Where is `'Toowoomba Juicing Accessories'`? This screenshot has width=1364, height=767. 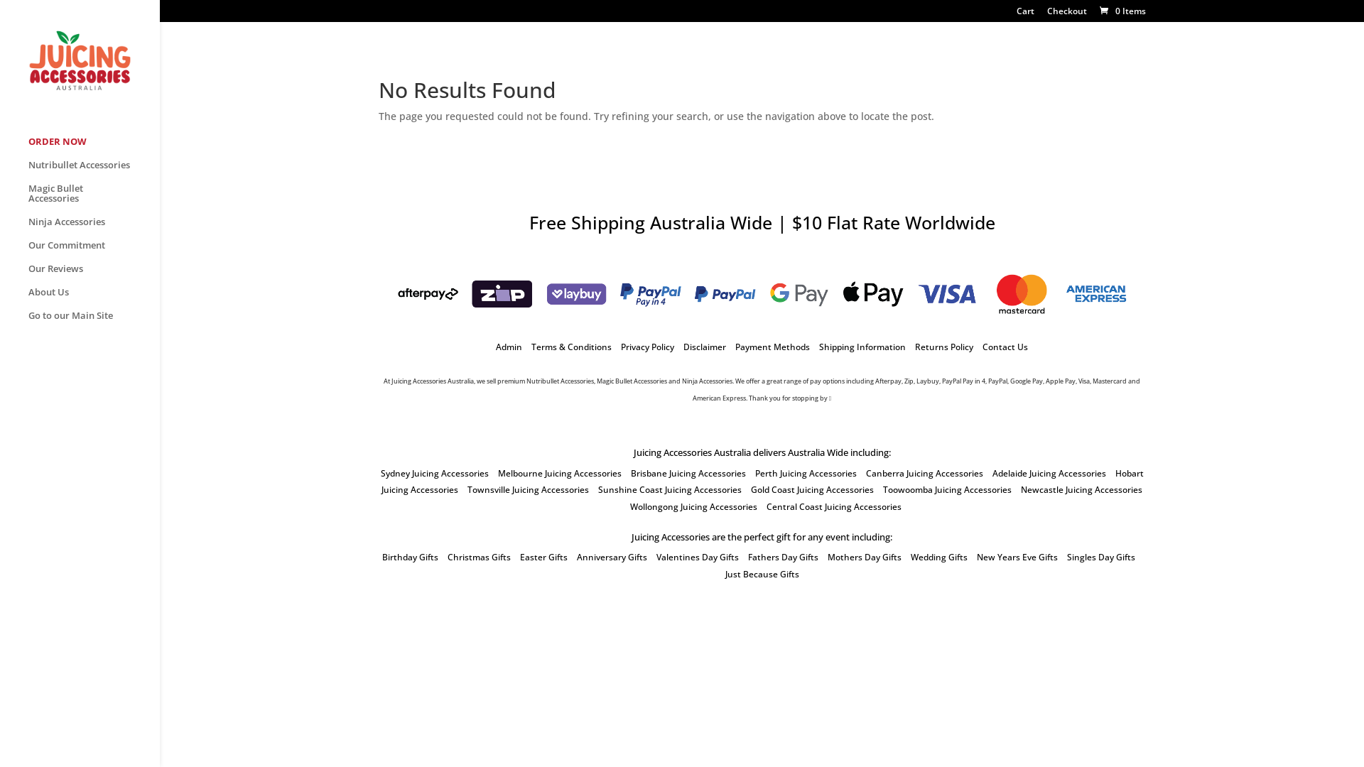 'Toowoomba Juicing Accessories' is located at coordinates (947, 489).